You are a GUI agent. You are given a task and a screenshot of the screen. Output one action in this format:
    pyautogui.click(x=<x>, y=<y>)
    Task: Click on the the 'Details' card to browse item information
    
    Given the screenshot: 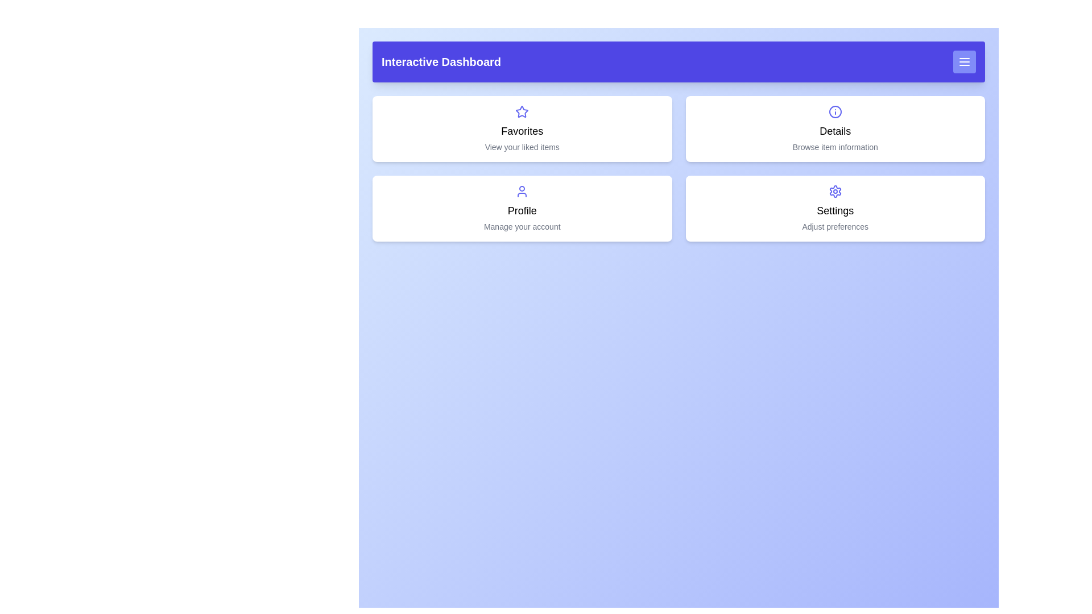 What is the action you would take?
    pyautogui.click(x=835, y=128)
    